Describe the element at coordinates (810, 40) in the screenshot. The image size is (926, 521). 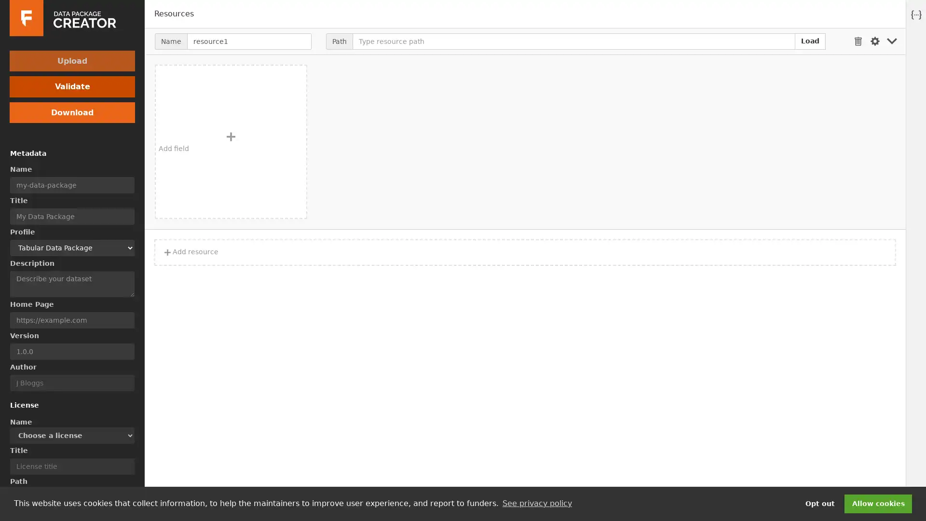
I see `Load` at that location.